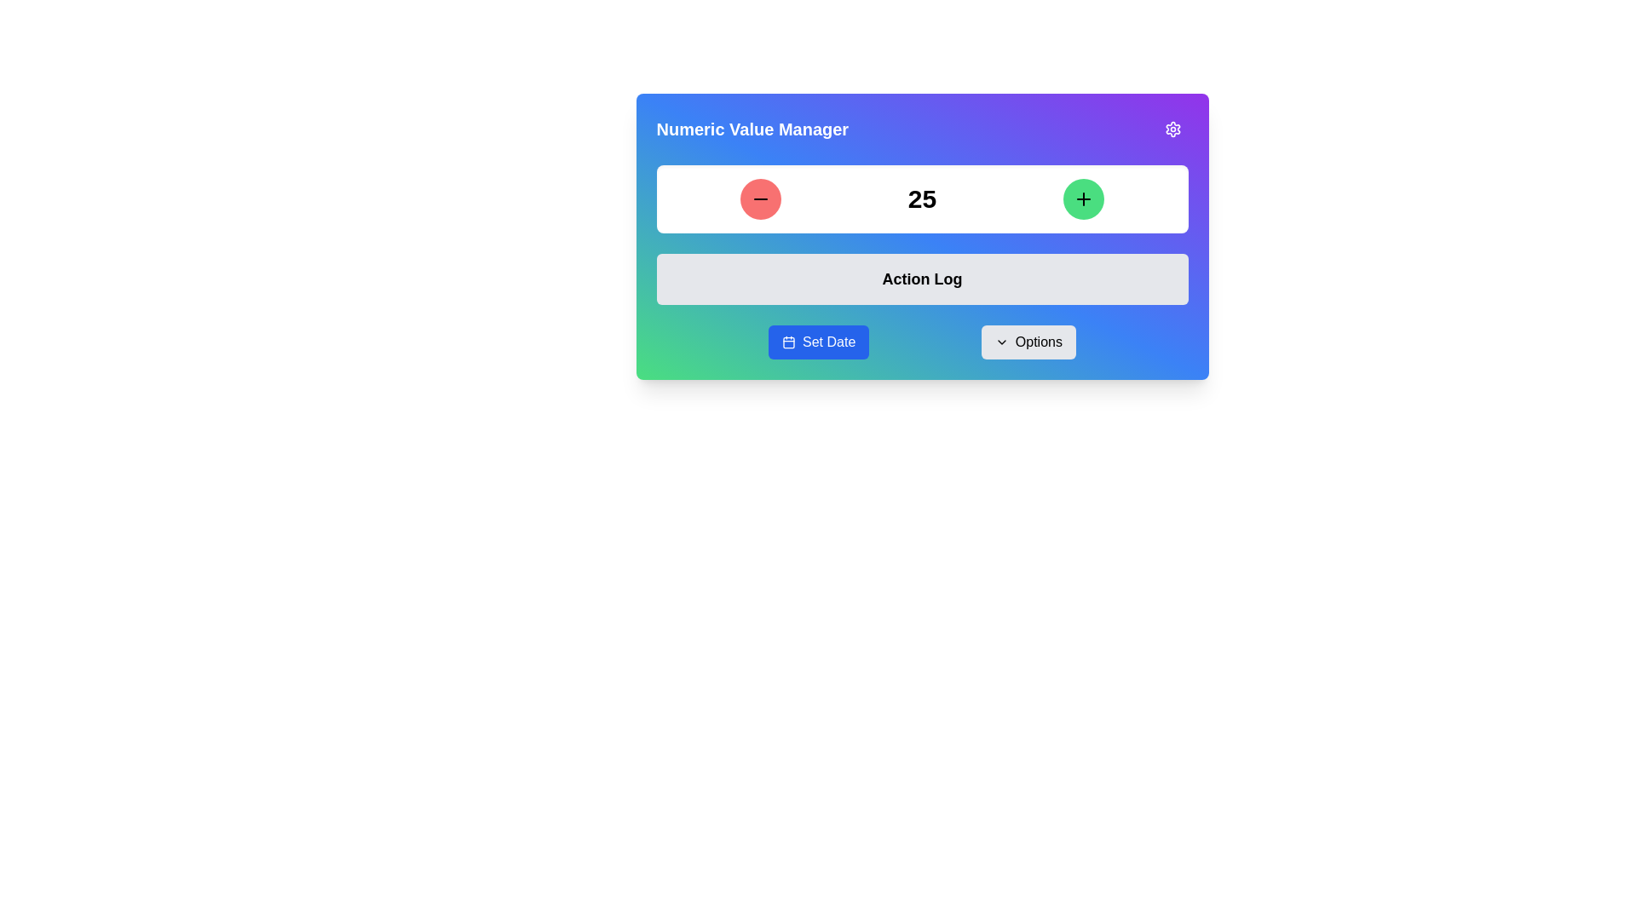 This screenshot has width=1636, height=920. Describe the element at coordinates (788, 342) in the screenshot. I see `the blue square icon with a white calendar icon, which is located directly above the 'Set Date' button on the left` at that location.